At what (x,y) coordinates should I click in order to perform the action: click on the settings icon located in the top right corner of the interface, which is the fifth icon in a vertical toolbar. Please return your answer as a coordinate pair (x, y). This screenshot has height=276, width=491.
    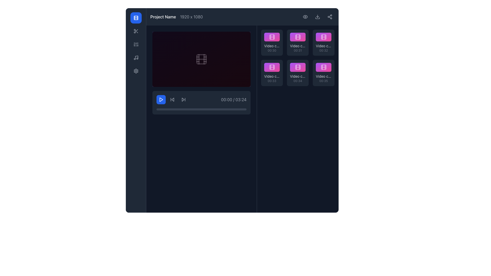
    Looking at the image, I should click on (136, 71).